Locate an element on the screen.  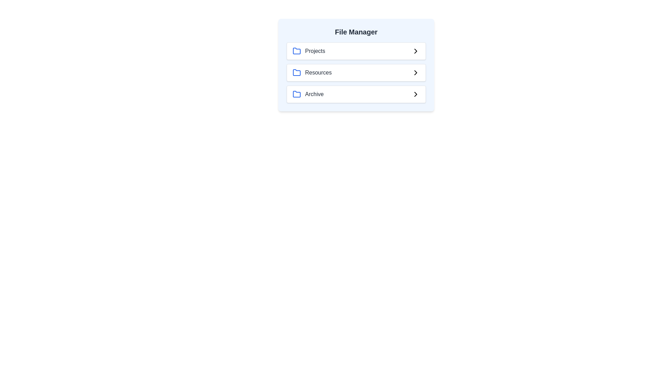
the second horizontally composed list entry with an icon and text label in the 'File Manager' panel is located at coordinates (312, 72).